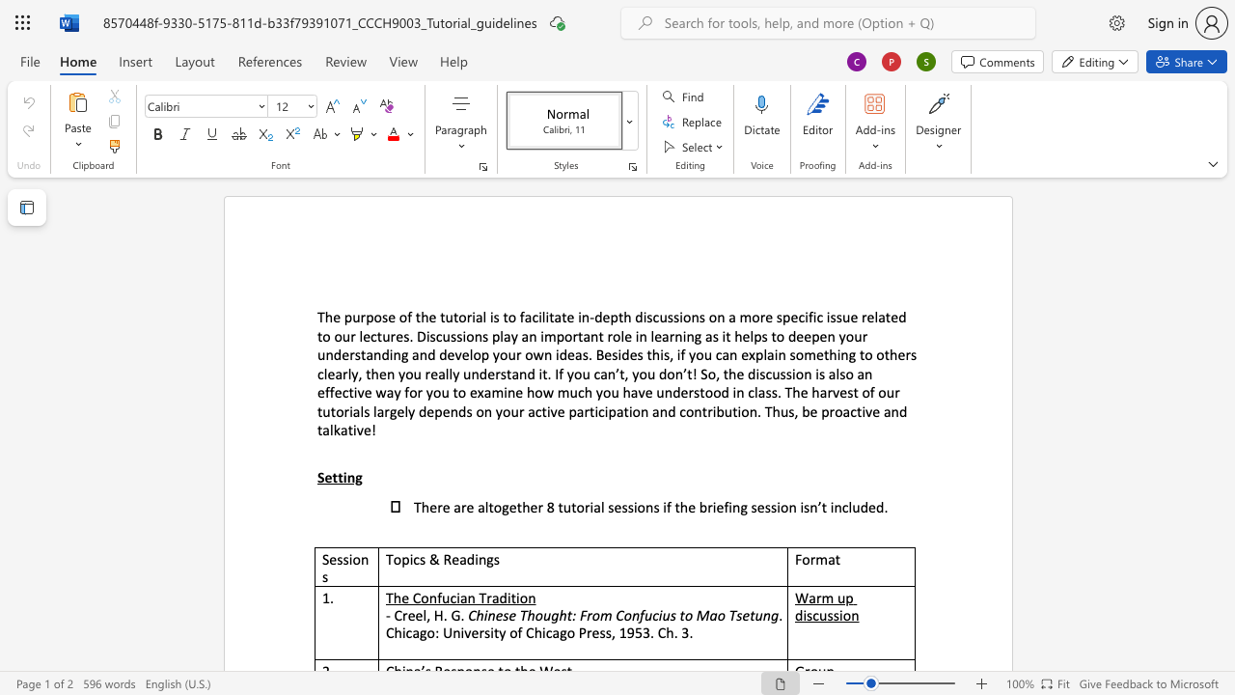 Image resolution: width=1235 pixels, height=695 pixels. I want to click on the space between the continuous character "h" and "i" in the text, so click(482, 615).